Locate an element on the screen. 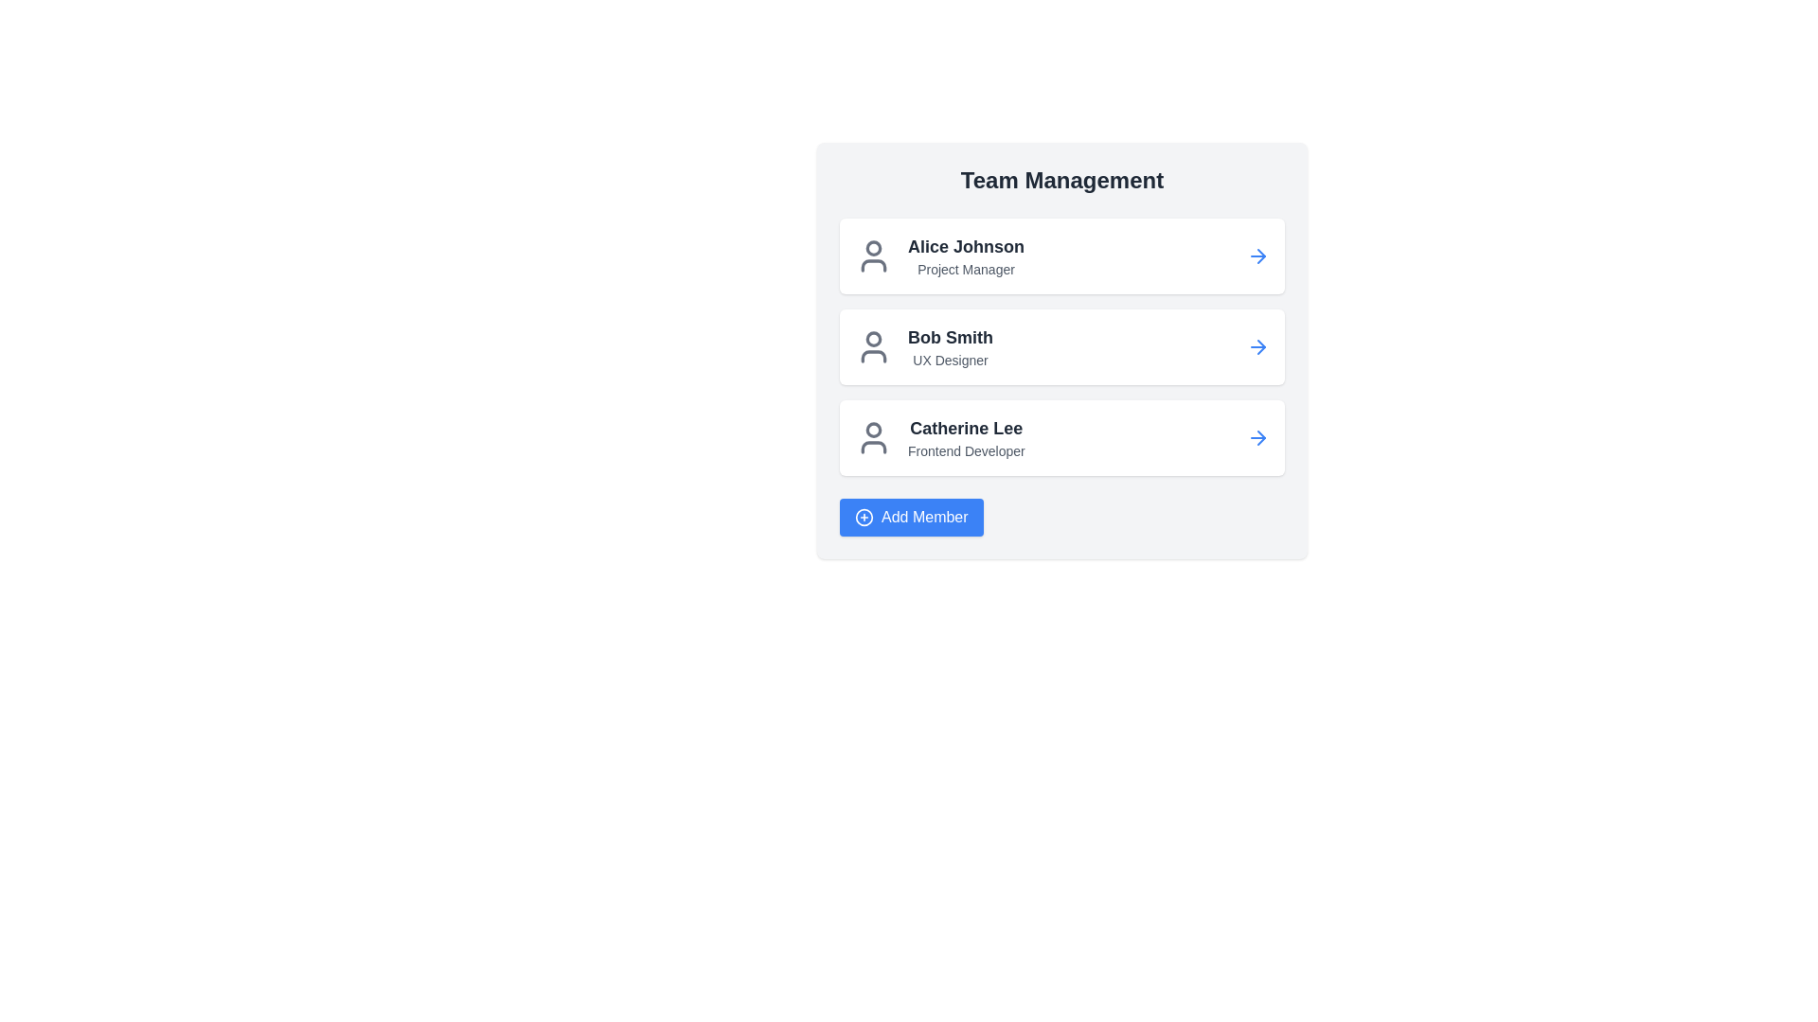 The image size is (1818, 1022). the text label that describes the role of user 'Alice Johnson' as a Project Manager, located in the second row of the 'Team Management' section is located at coordinates (966, 270).